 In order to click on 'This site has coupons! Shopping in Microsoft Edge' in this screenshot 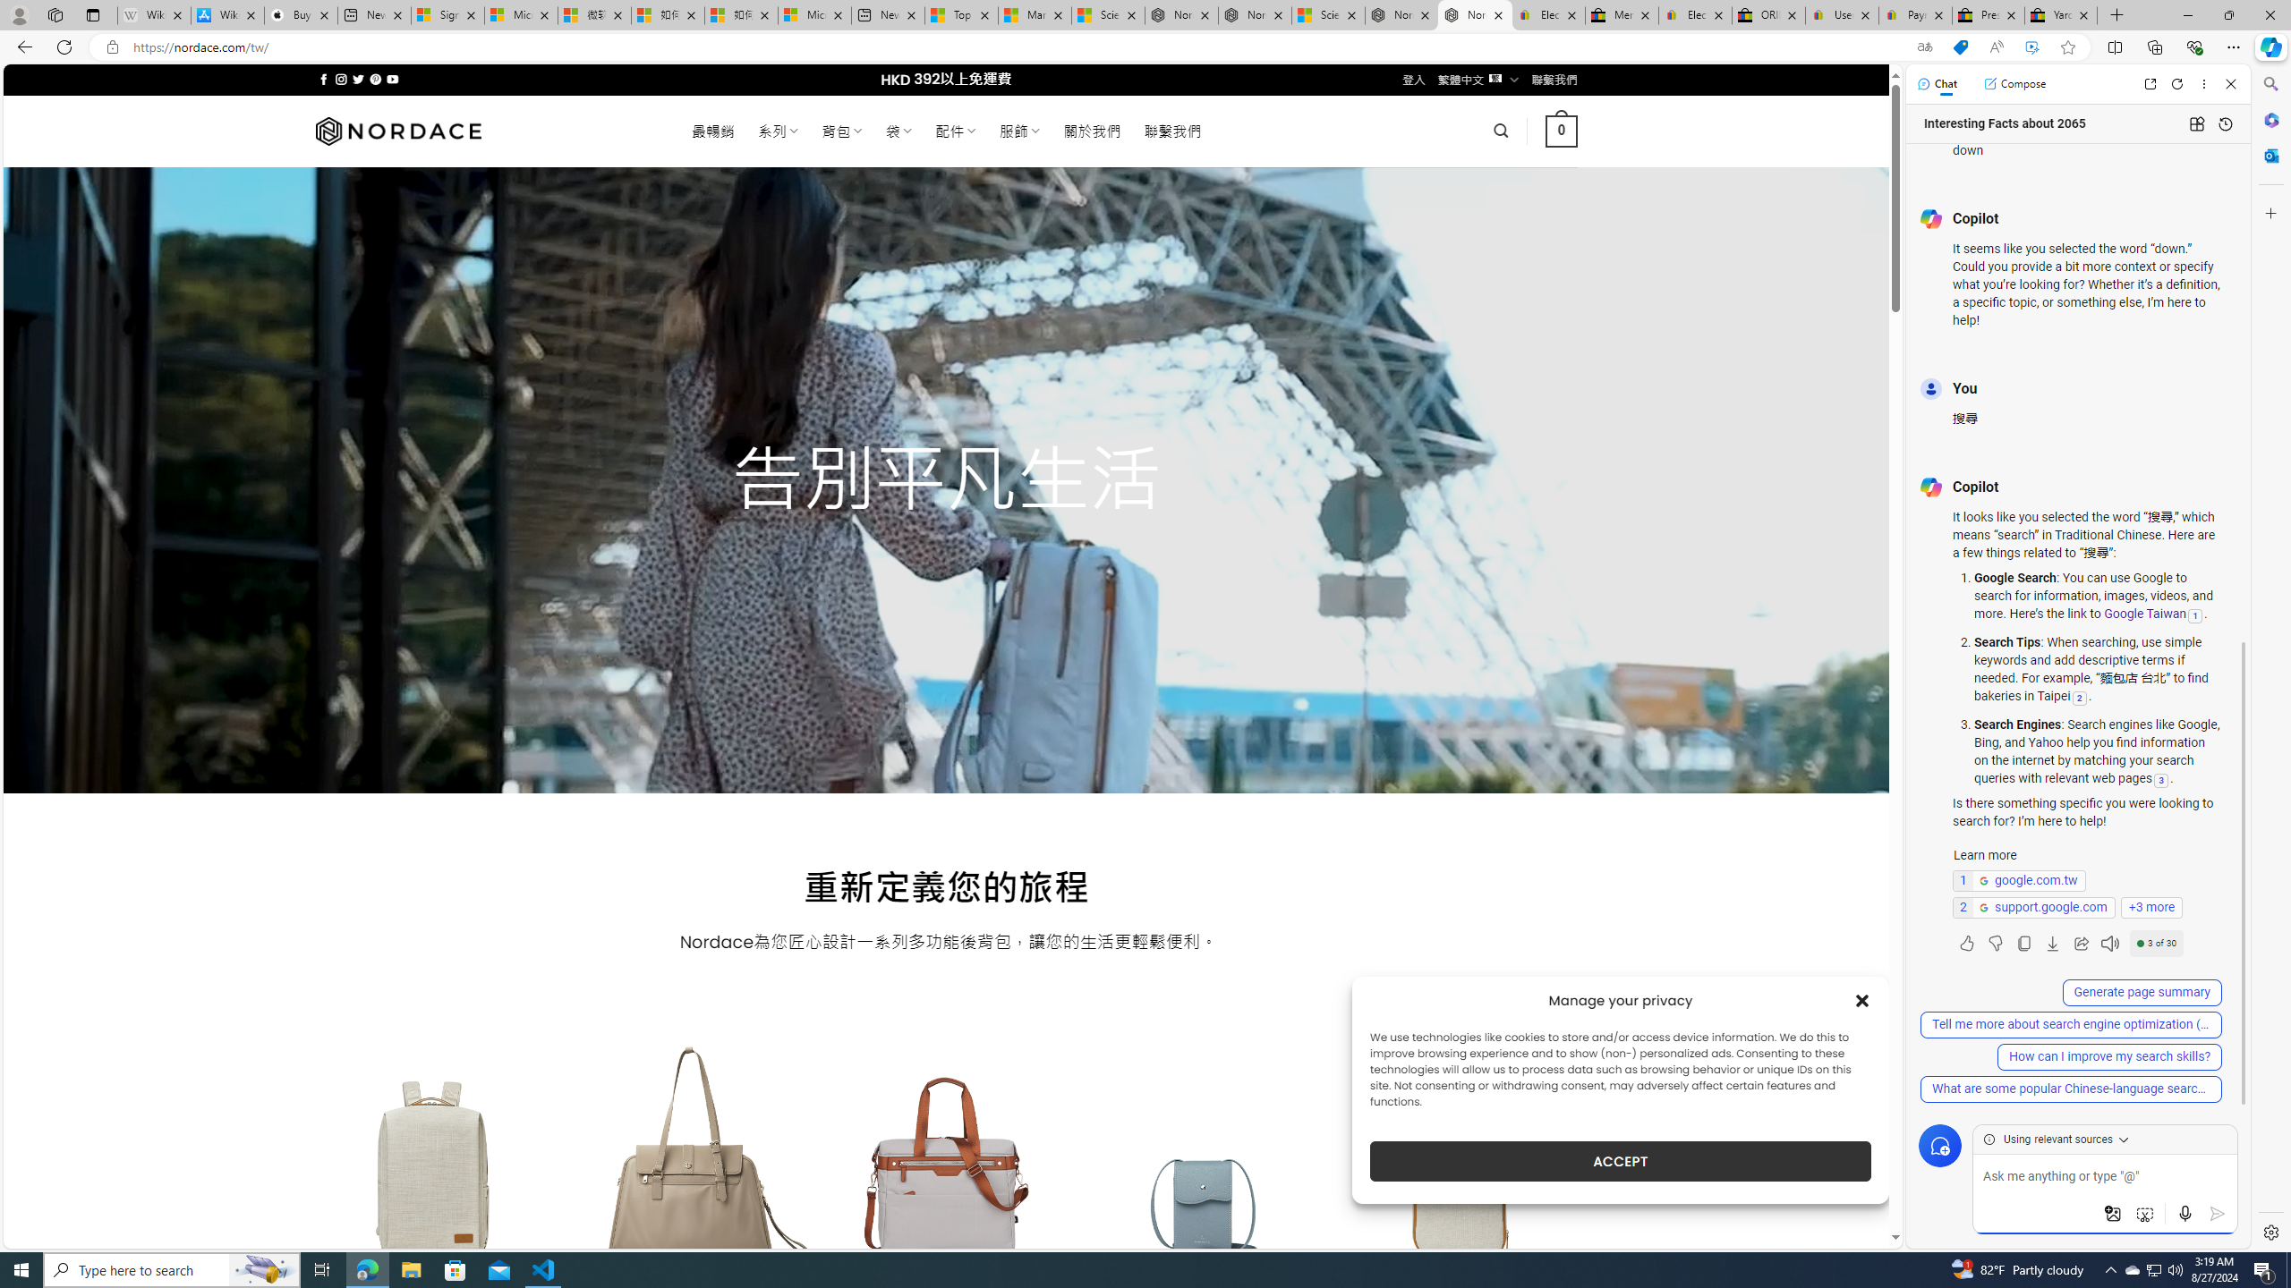, I will do `click(1960, 47)`.